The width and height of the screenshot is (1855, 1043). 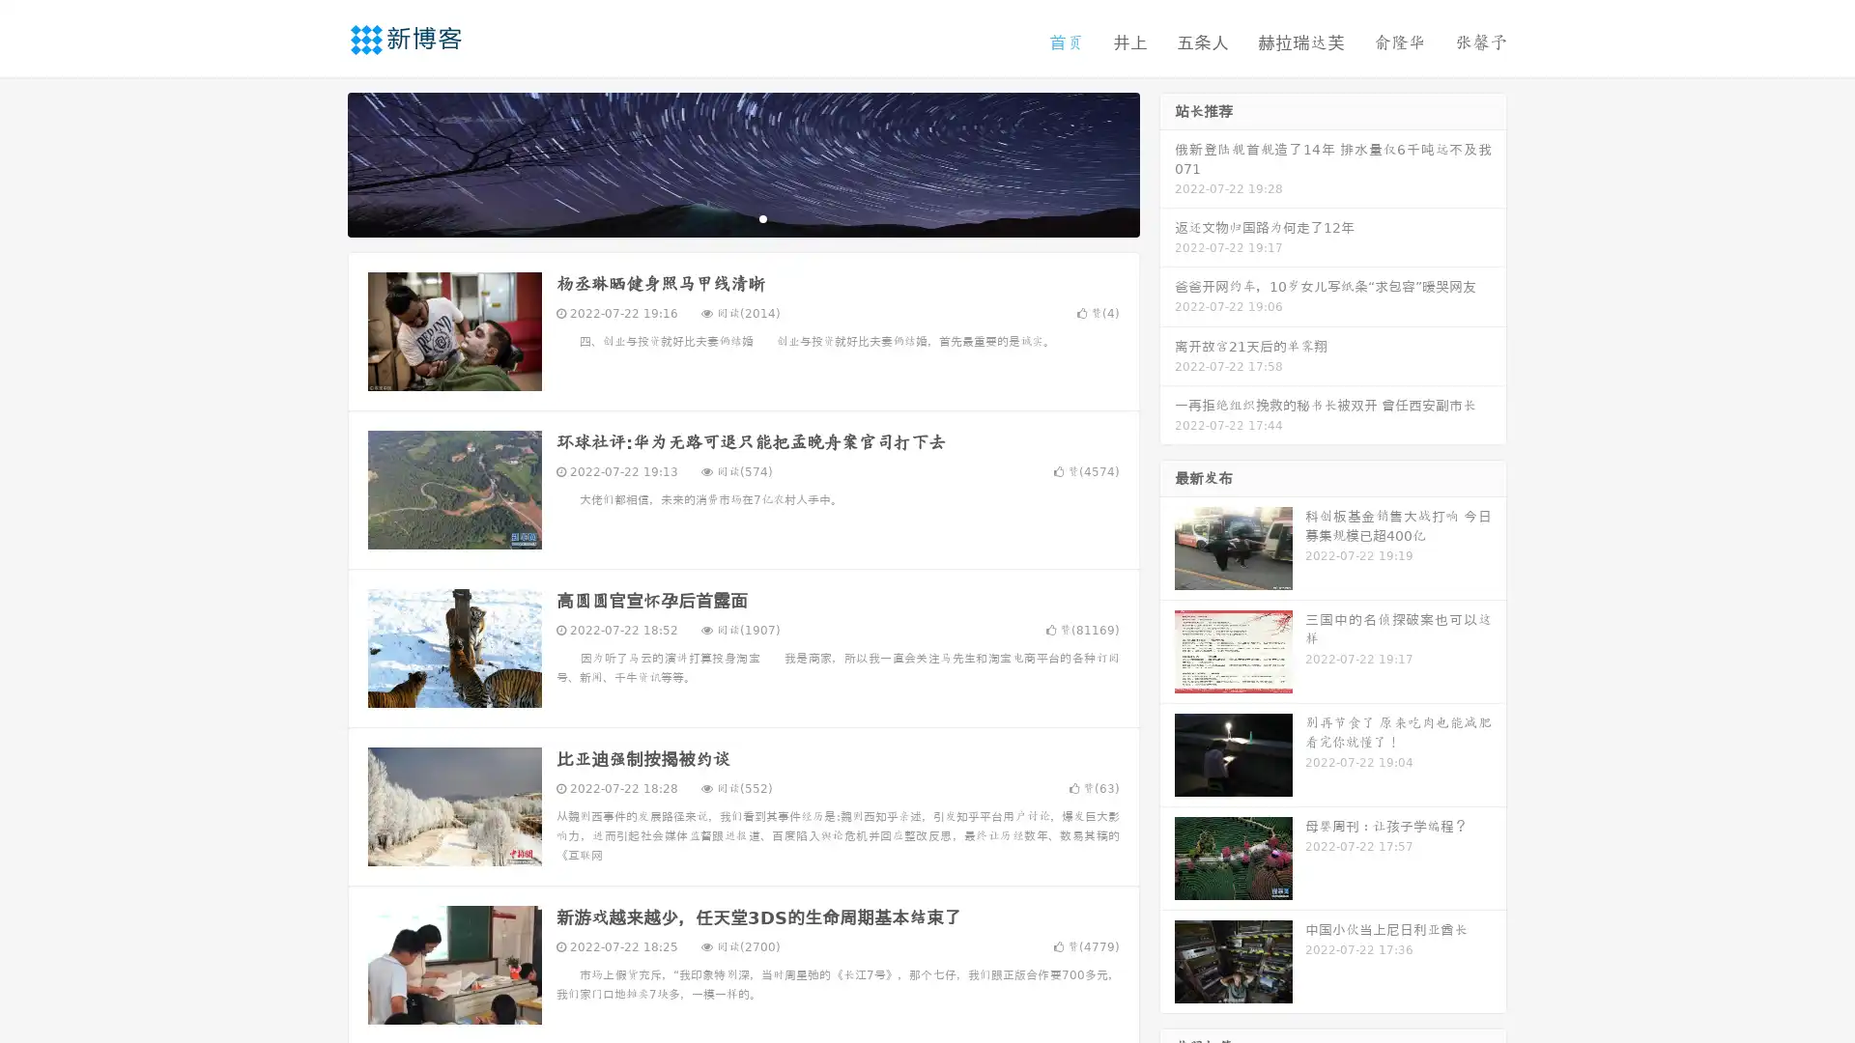 I want to click on Next slide, so click(x=1167, y=162).